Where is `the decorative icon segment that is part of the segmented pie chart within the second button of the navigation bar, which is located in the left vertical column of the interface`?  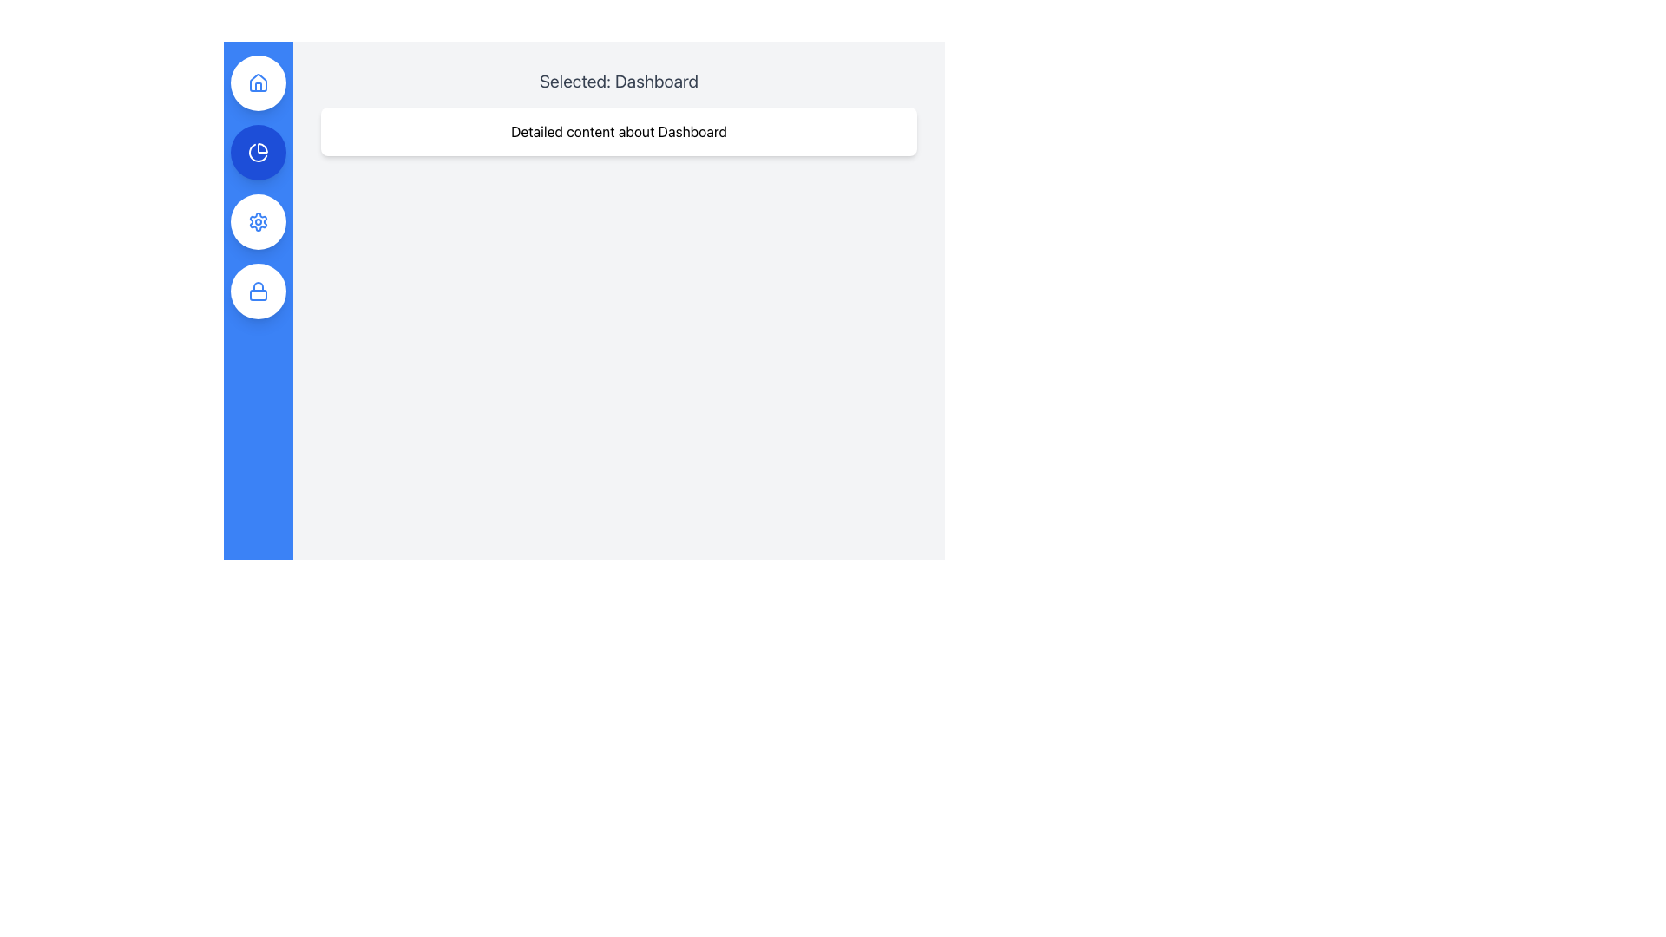 the decorative icon segment that is part of the segmented pie chart within the second button of the navigation bar, which is located in the left vertical column of the interface is located at coordinates (261, 147).